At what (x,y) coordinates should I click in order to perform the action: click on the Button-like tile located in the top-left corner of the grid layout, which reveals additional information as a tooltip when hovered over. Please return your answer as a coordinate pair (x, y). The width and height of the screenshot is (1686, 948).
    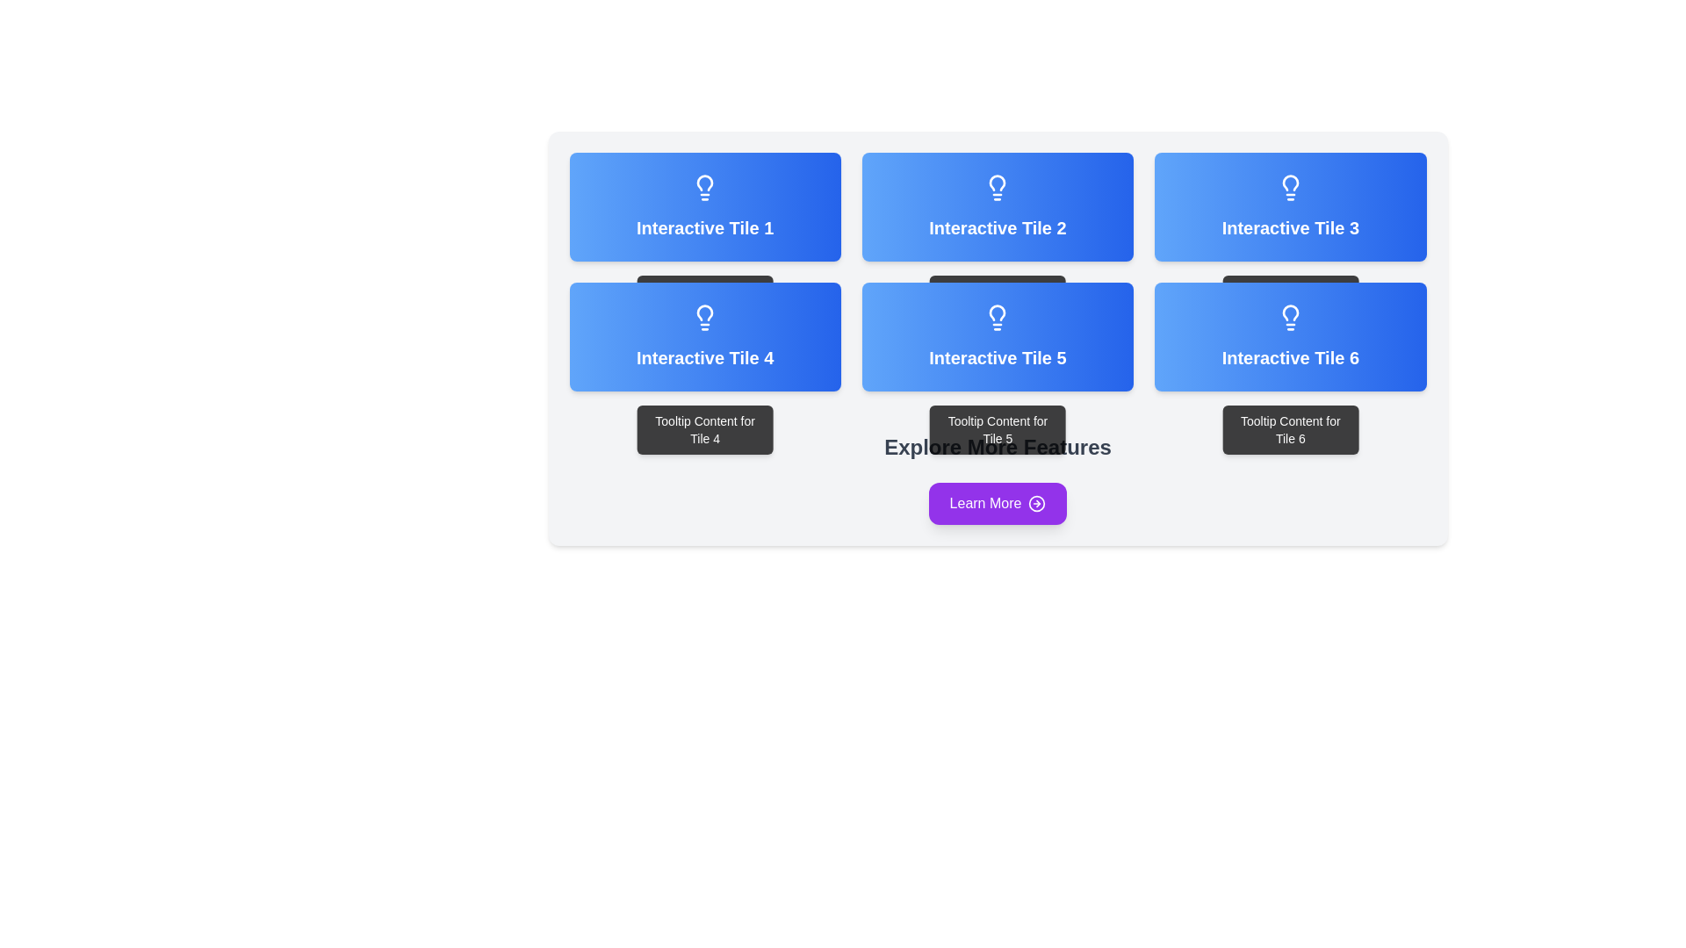
    Looking at the image, I should click on (705, 205).